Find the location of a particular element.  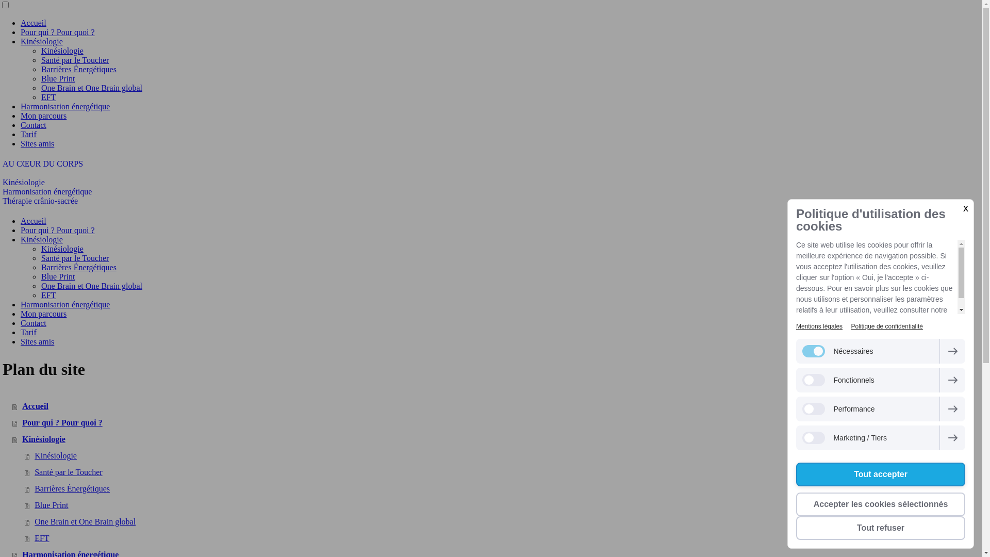

'Contact' is located at coordinates (20, 124).